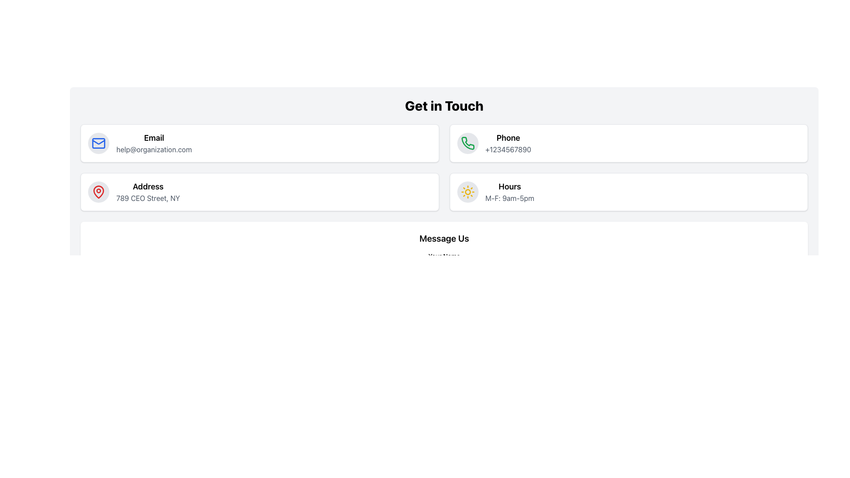  Describe the element at coordinates (467, 143) in the screenshot. I see `the circular icon button with a light gray background and a green phone receiver icon located in the upper-right card titled 'Phone', positioned to the left of the text '+1234567890'` at that location.